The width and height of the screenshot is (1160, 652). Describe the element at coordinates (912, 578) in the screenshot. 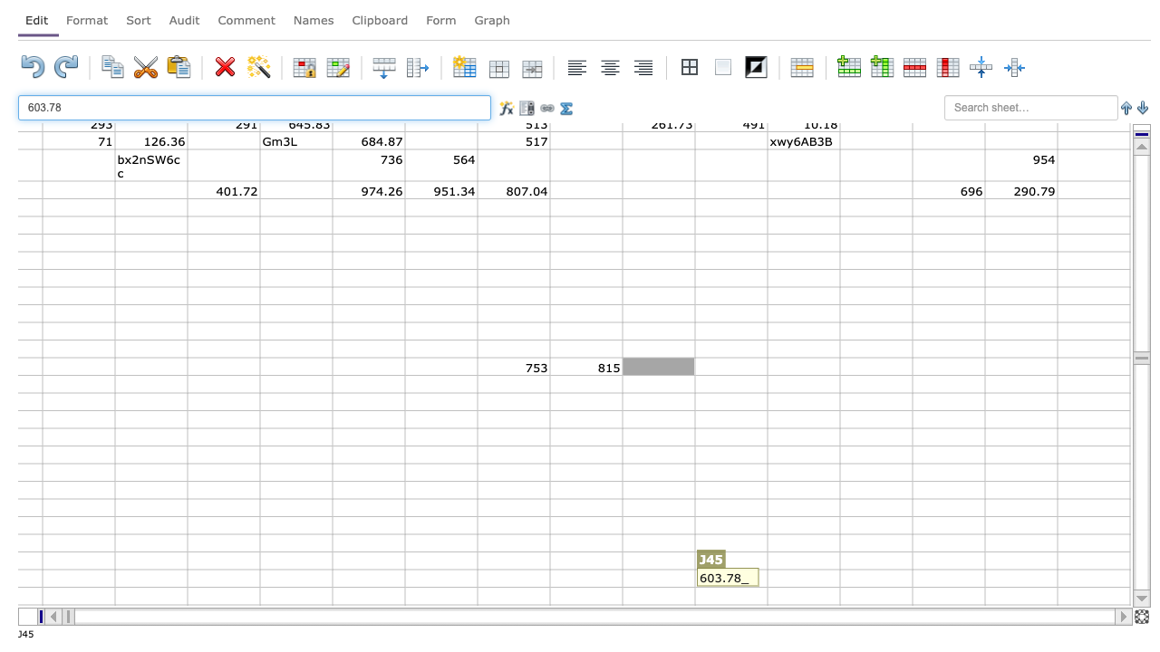

I see `right edge at column M row 57` at that location.